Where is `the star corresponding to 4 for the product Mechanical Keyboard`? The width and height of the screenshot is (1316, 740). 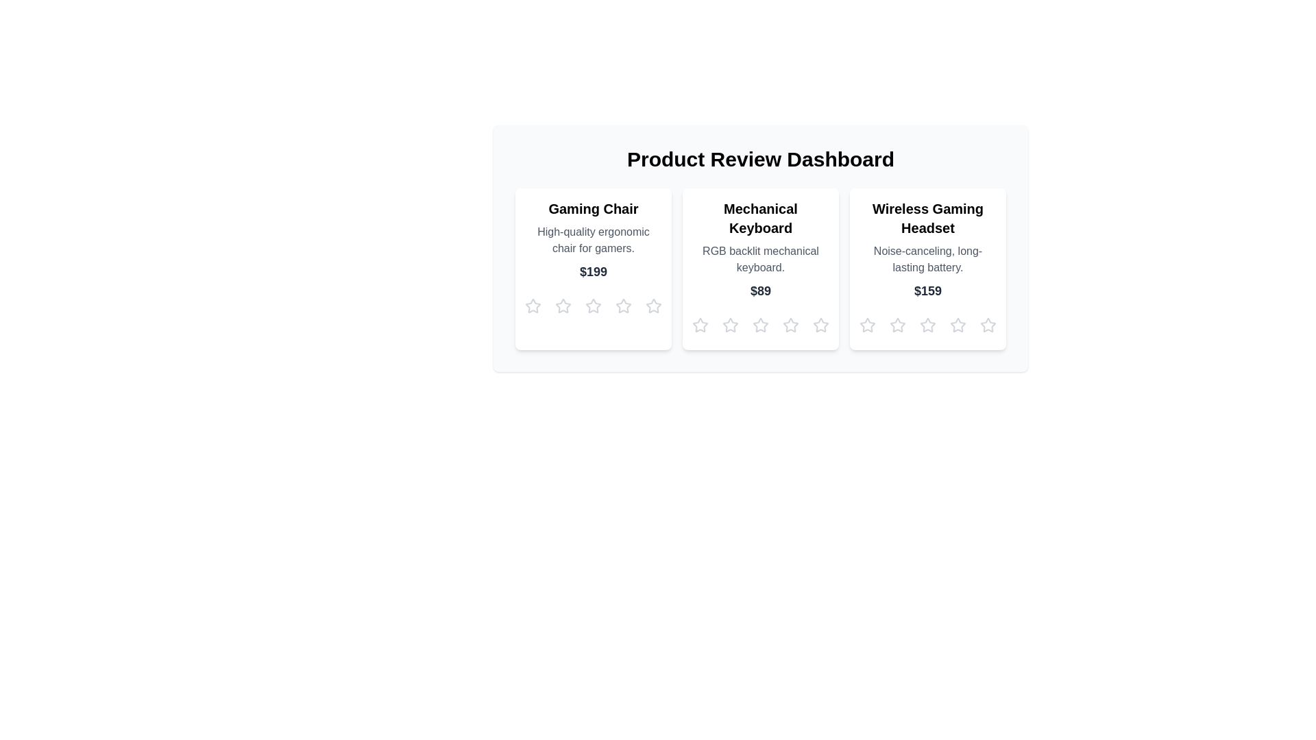 the star corresponding to 4 for the product Mechanical Keyboard is located at coordinates (790, 325).